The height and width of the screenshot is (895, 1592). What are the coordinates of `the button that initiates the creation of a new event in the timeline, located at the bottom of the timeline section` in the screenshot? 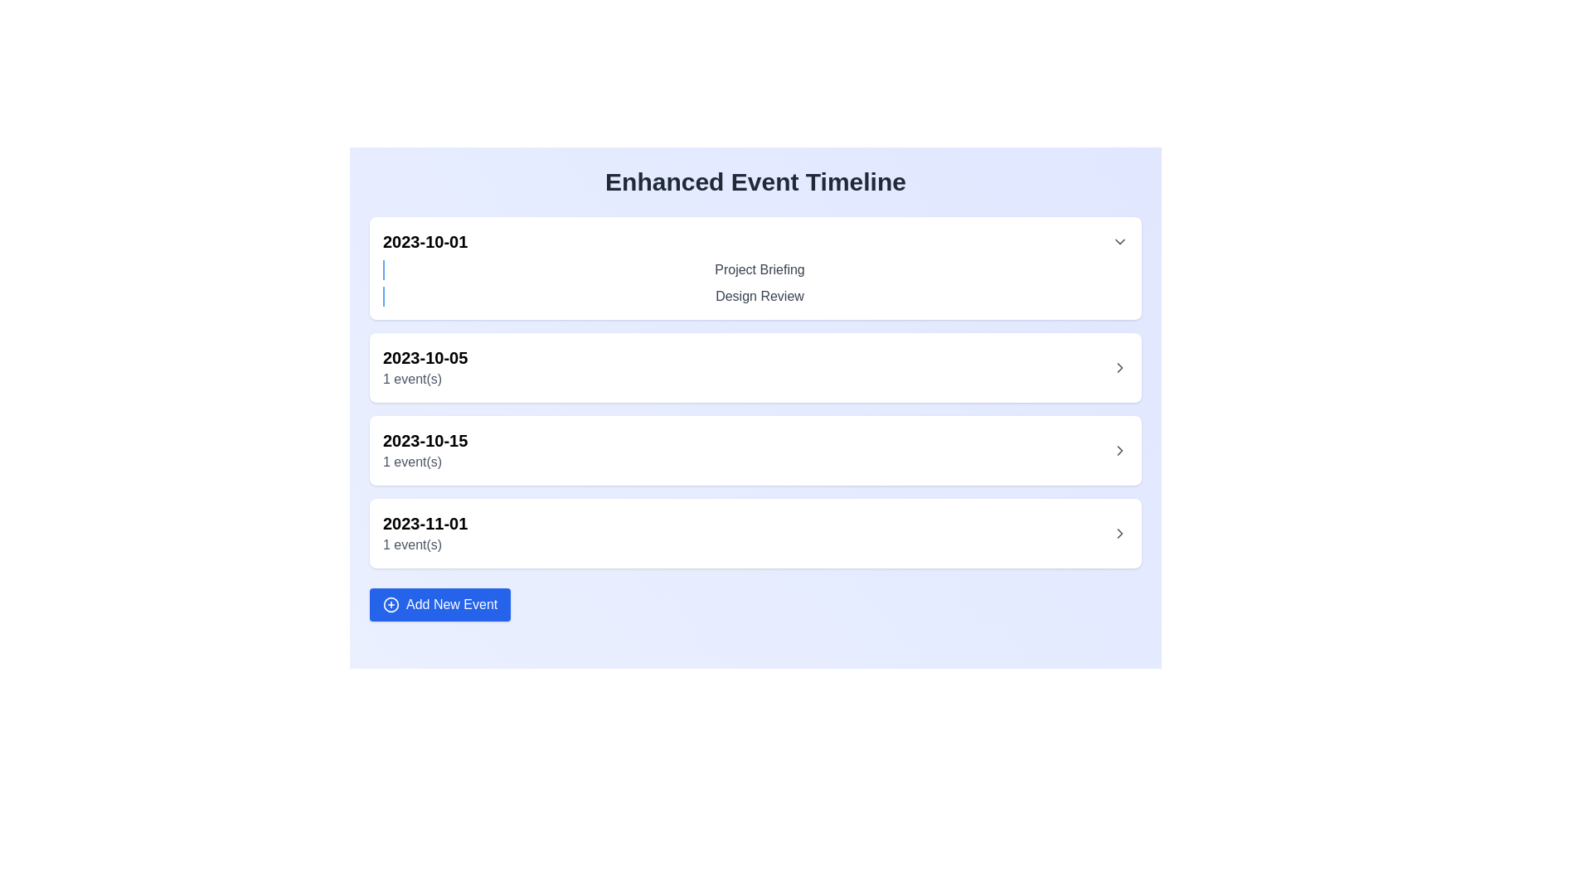 It's located at (440, 604).